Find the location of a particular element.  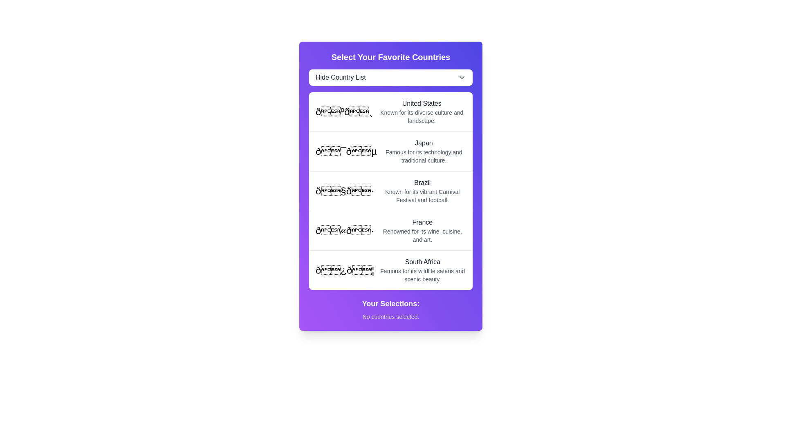

the first list item containing the country name 'United States' and its description in the 'Select Your Favorite Countries' section is located at coordinates (390, 111).